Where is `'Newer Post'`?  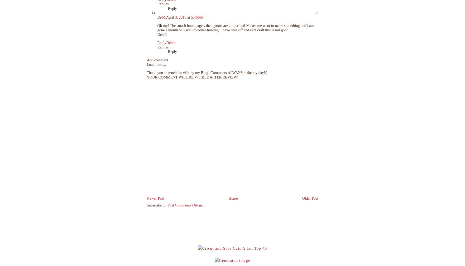
'Newer Post' is located at coordinates (155, 198).